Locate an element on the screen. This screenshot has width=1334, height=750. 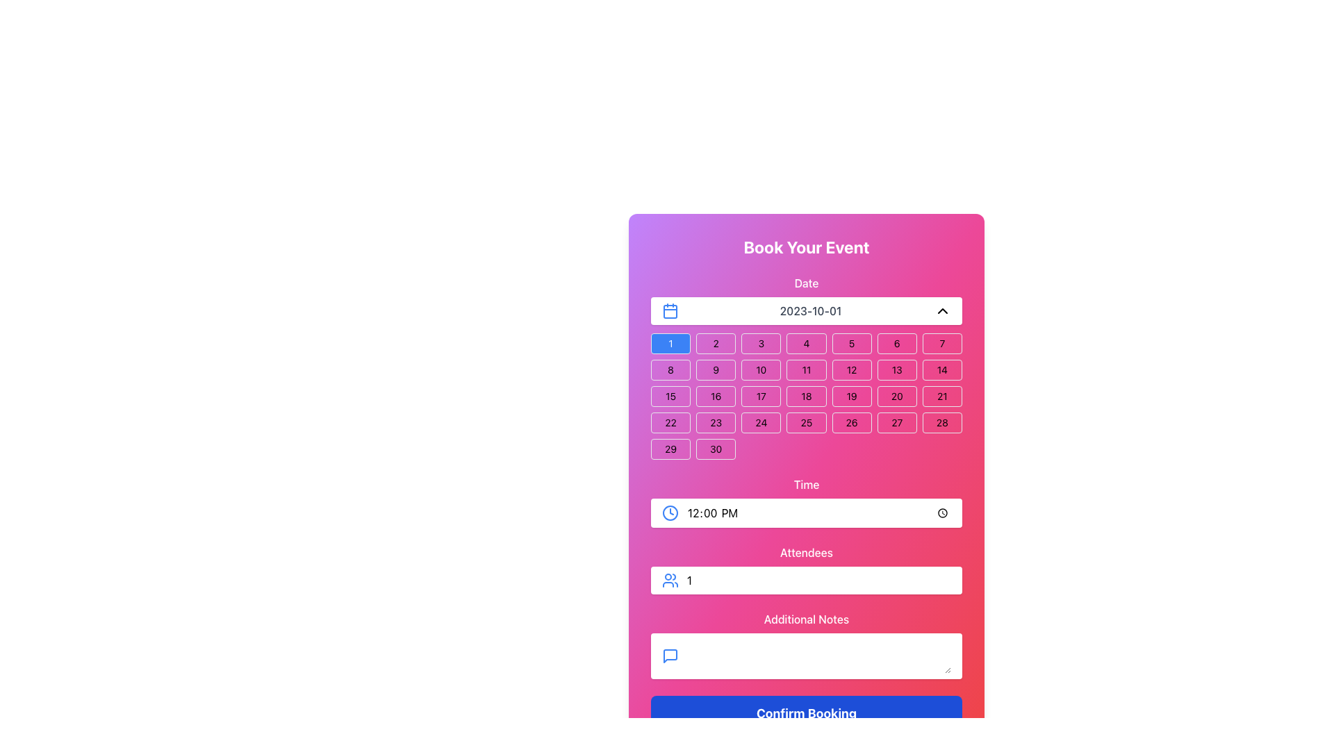
the button representing the day '10' is located at coordinates (760, 369).